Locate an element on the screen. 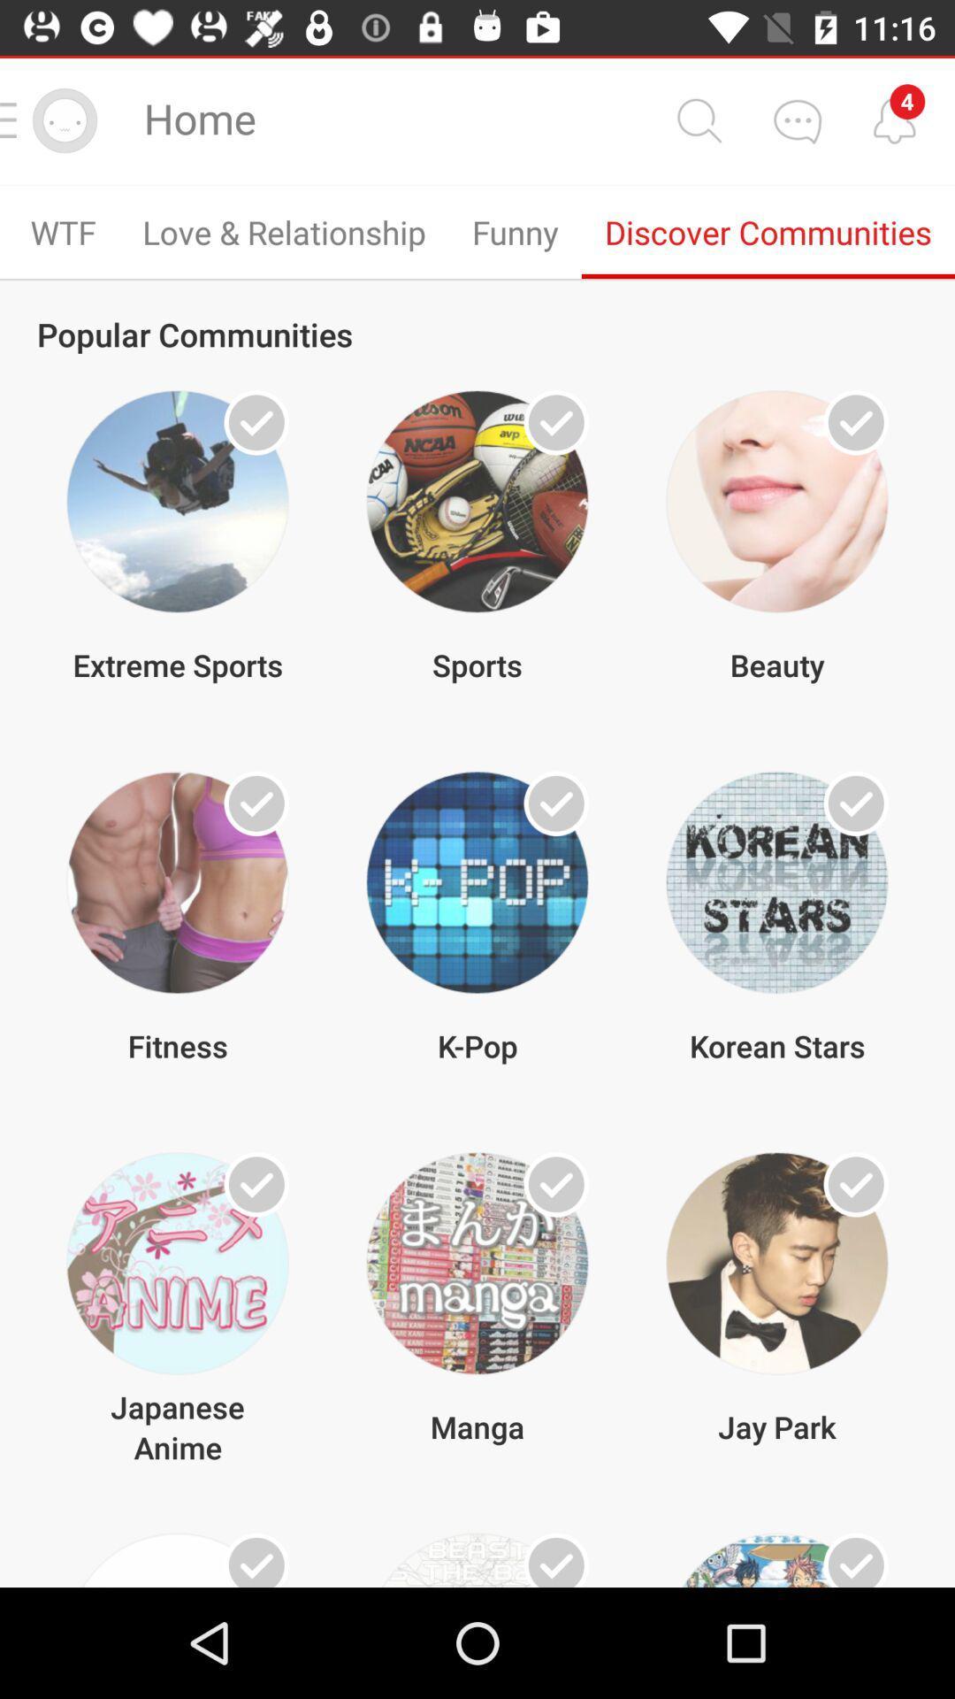 This screenshot has height=1699, width=955. messages is located at coordinates (797, 119).